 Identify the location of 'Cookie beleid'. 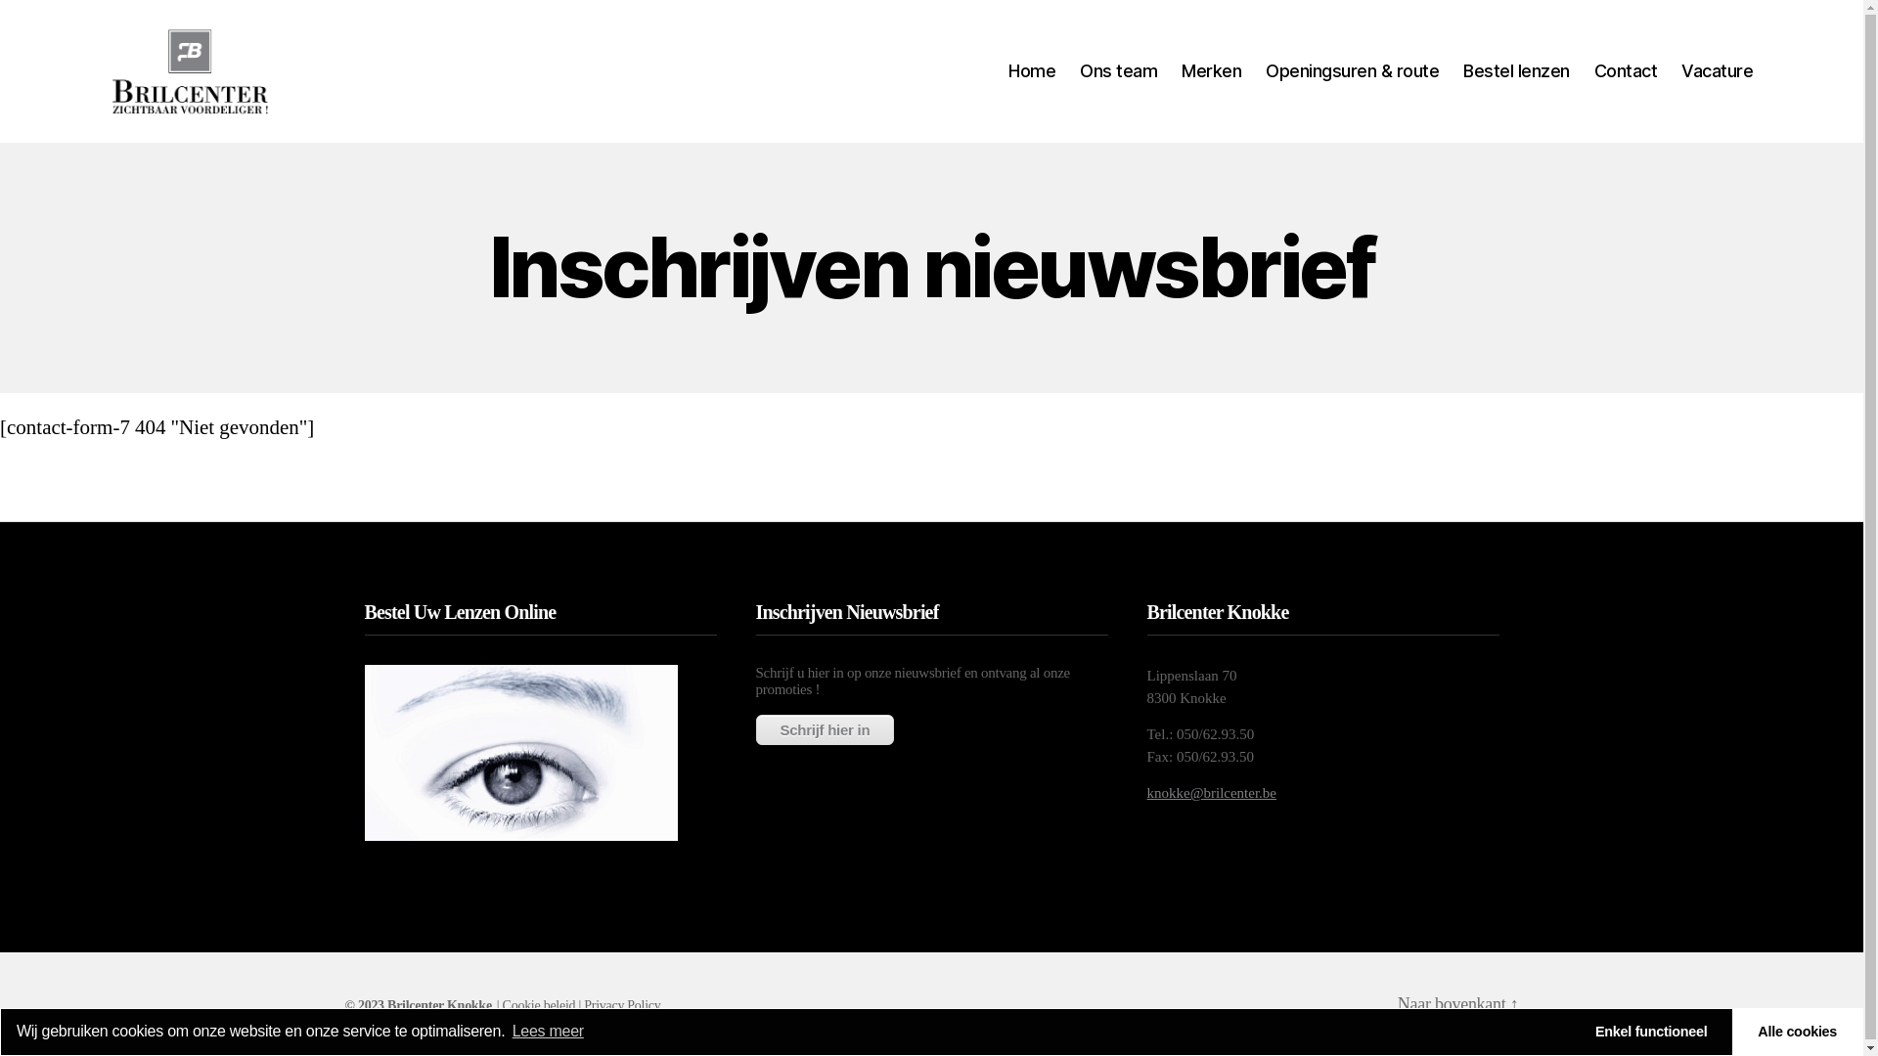
(539, 1005).